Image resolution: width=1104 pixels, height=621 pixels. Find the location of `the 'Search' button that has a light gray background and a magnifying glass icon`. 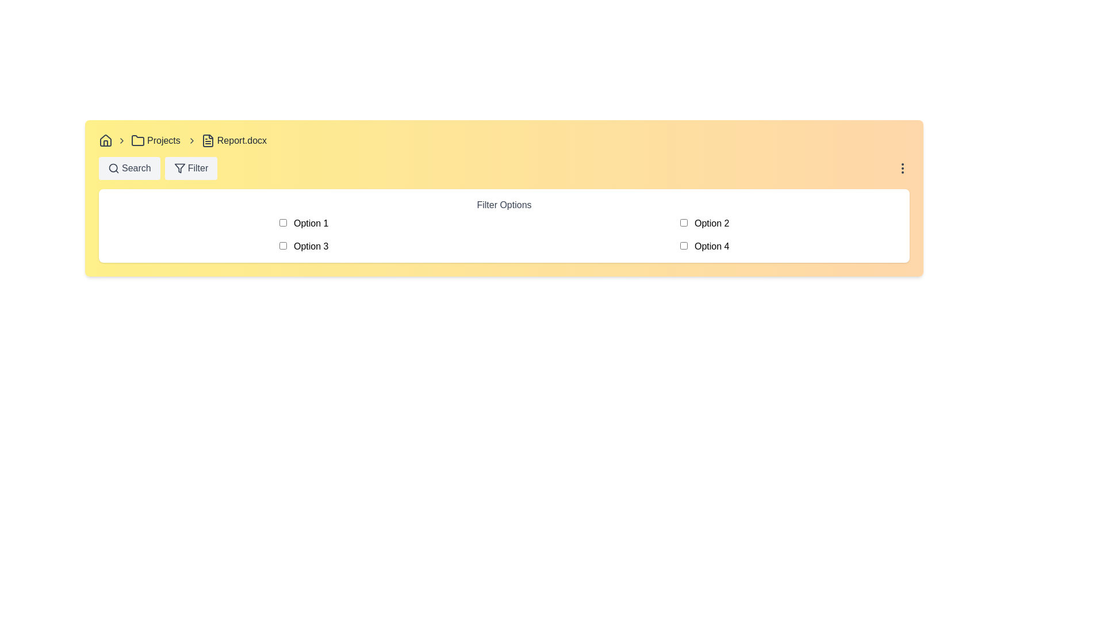

the 'Search' button that has a light gray background and a magnifying glass icon is located at coordinates (129, 168).